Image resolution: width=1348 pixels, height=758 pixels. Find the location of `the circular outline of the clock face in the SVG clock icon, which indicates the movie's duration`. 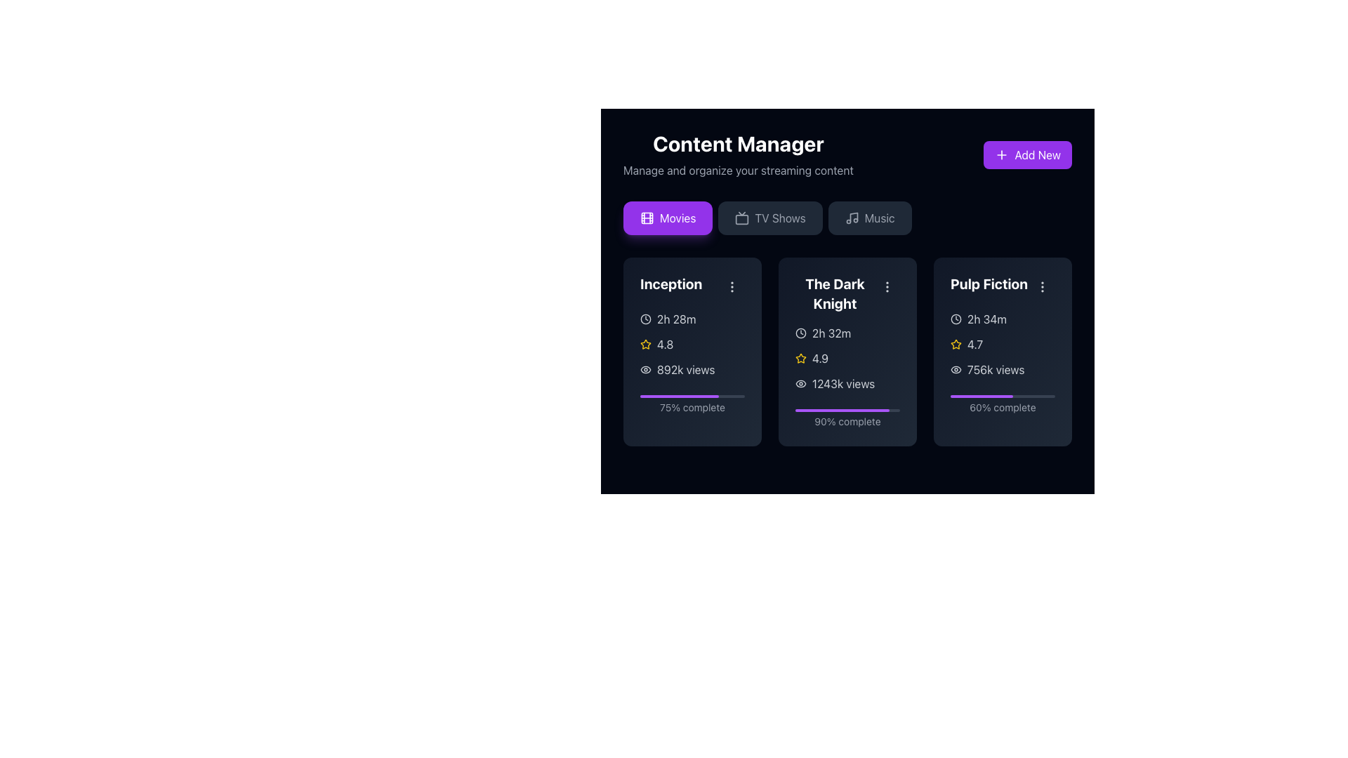

the circular outline of the clock face in the SVG clock icon, which indicates the movie's duration is located at coordinates (956, 319).